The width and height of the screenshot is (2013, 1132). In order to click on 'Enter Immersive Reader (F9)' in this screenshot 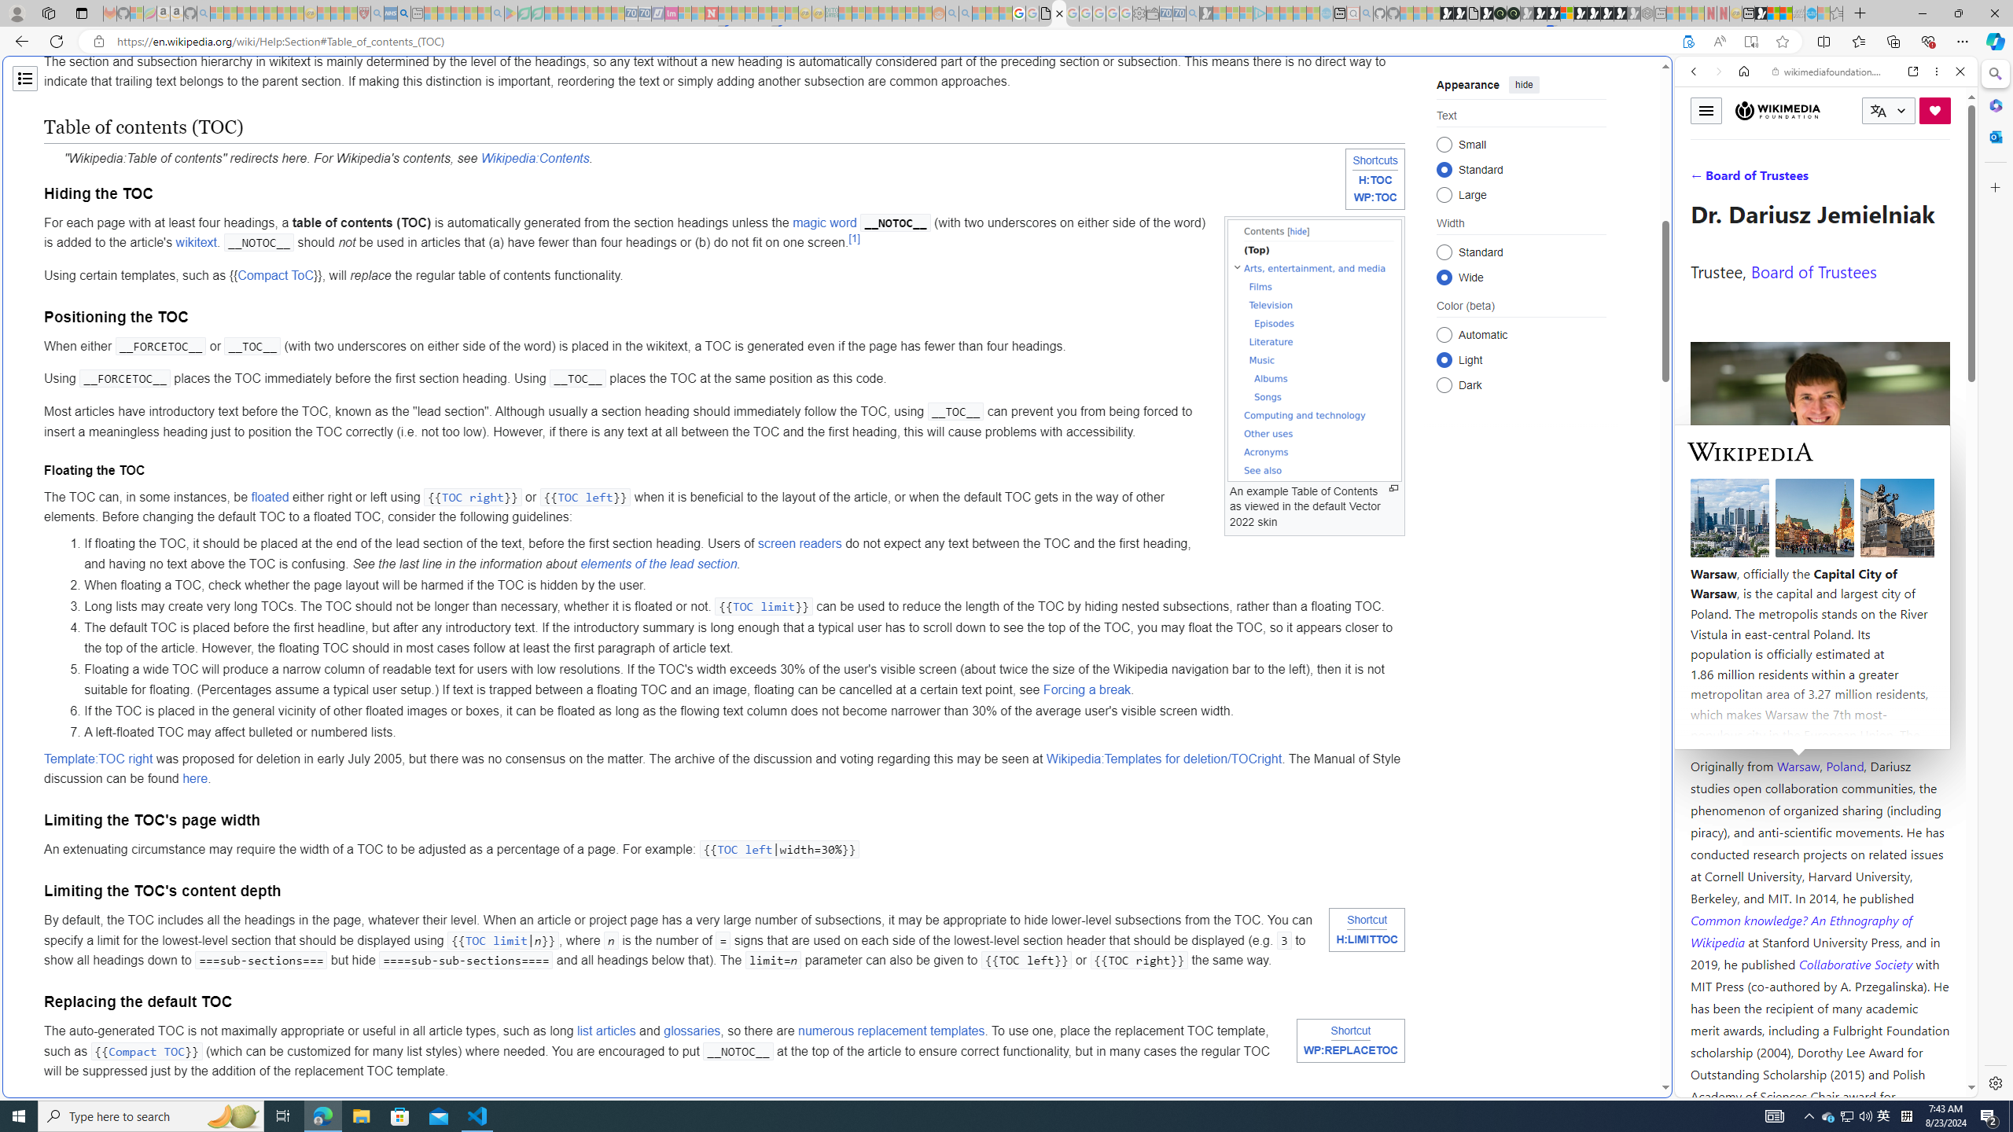, I will do `click(1750, 42)`.